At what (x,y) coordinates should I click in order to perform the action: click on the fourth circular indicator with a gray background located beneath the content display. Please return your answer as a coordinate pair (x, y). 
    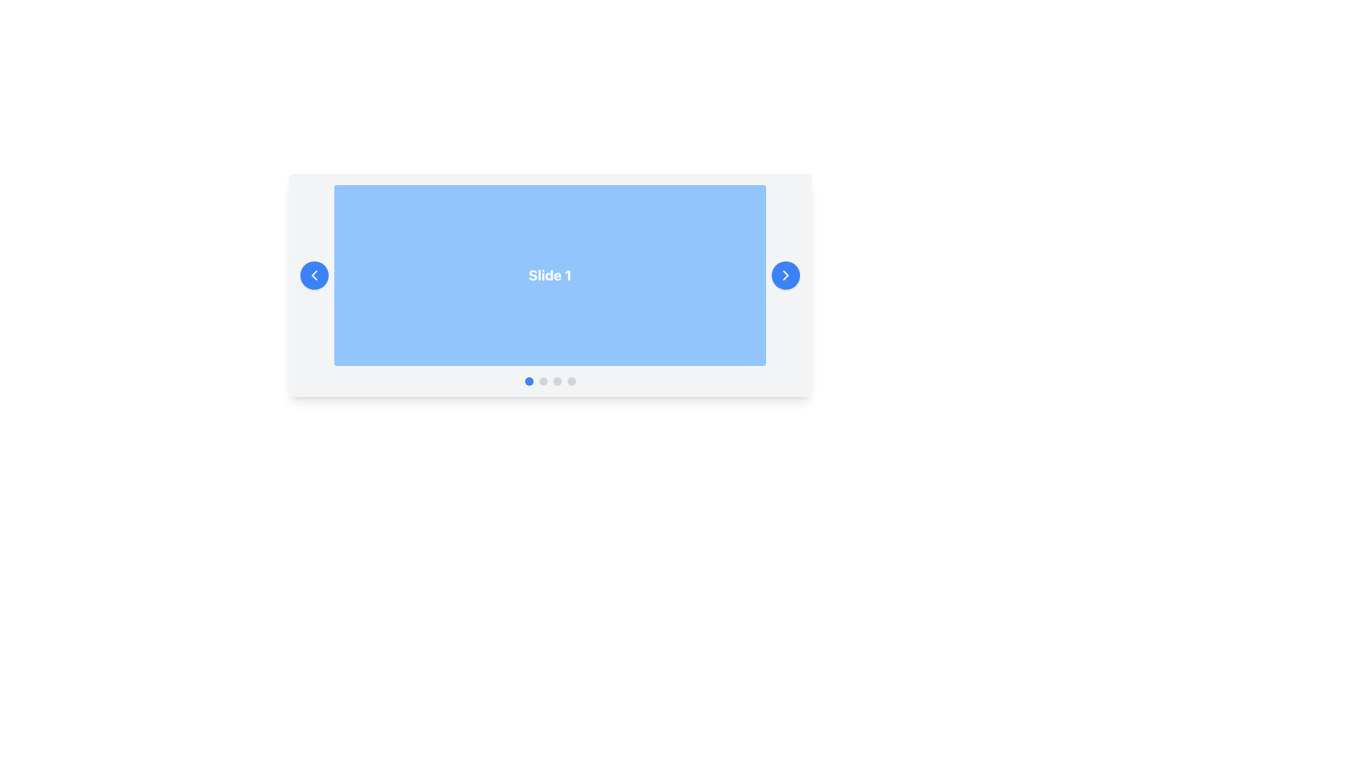
    Looking at the image, I should click on (571, 381).